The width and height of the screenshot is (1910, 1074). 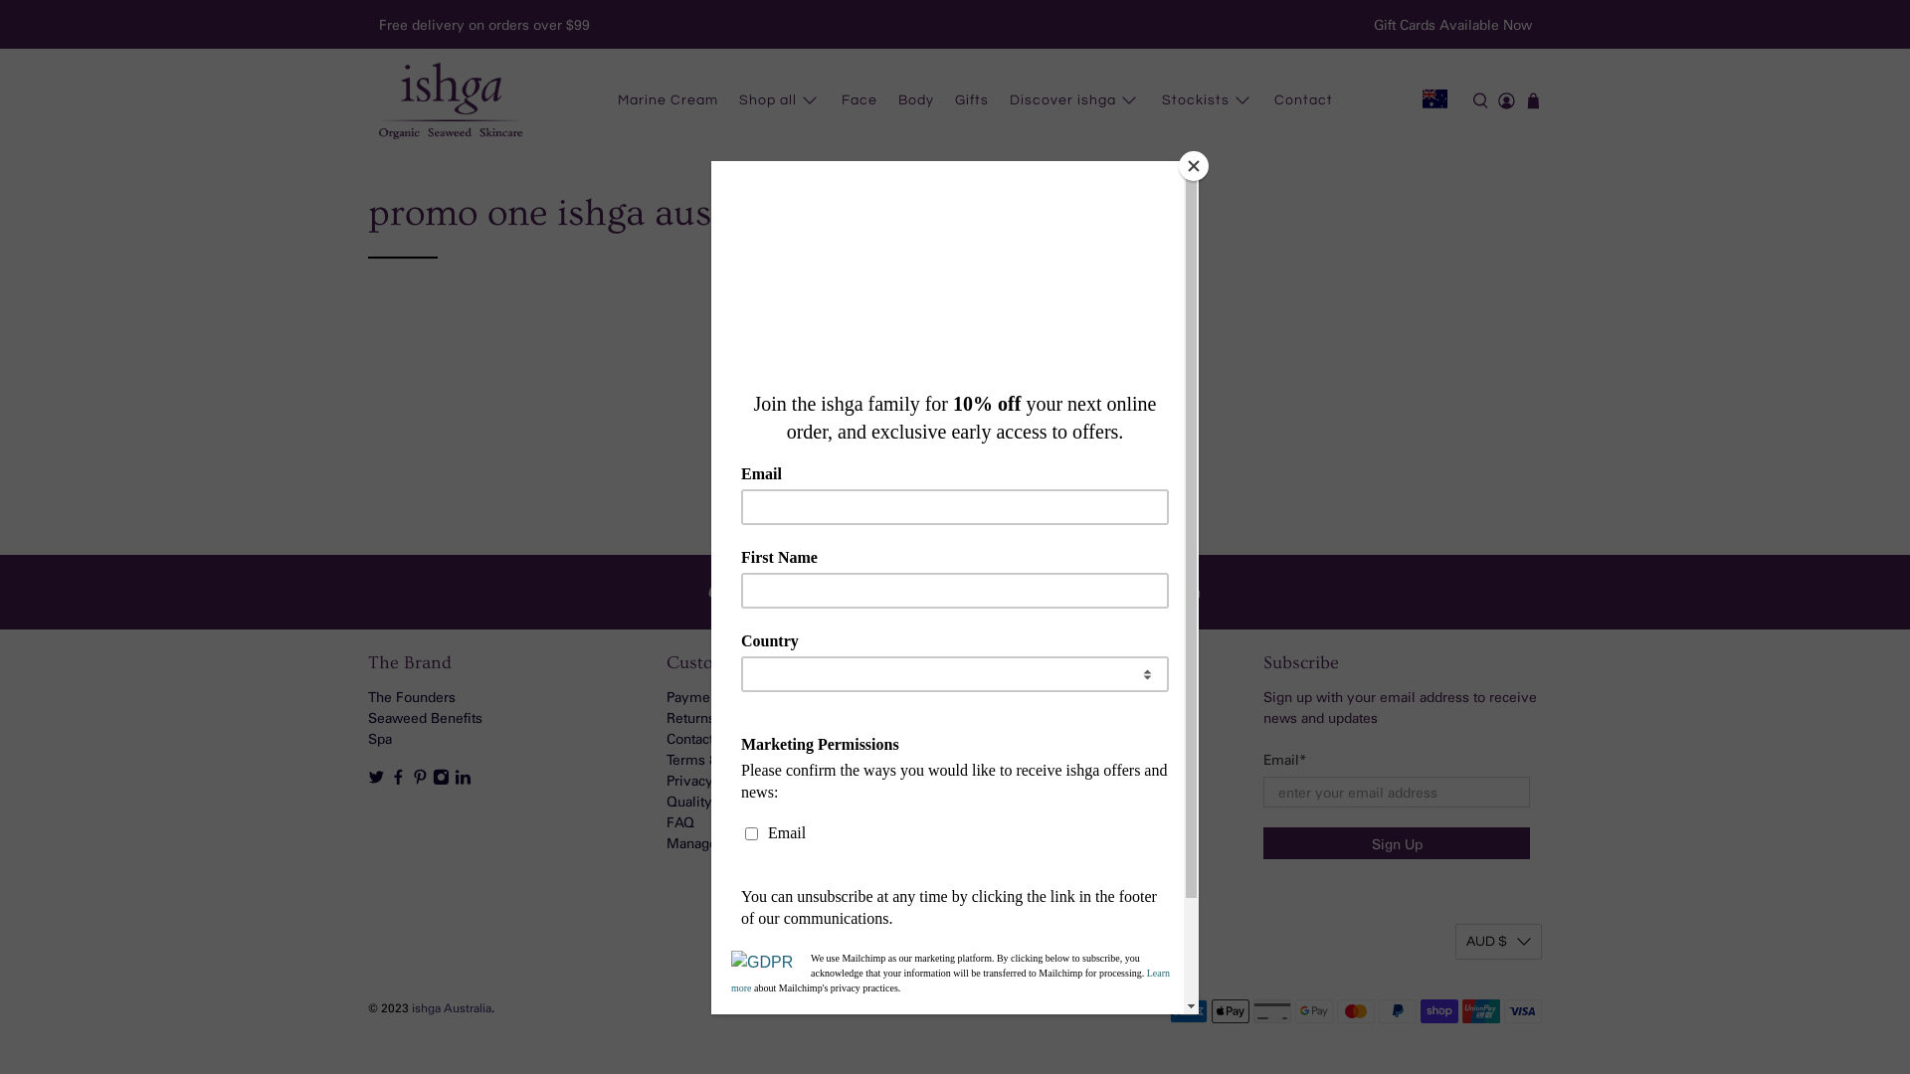 What do you see at coordinates (728, 695) in the screenshot?
I see `'Payment & Delivery'` at bounding box center [728, 695].